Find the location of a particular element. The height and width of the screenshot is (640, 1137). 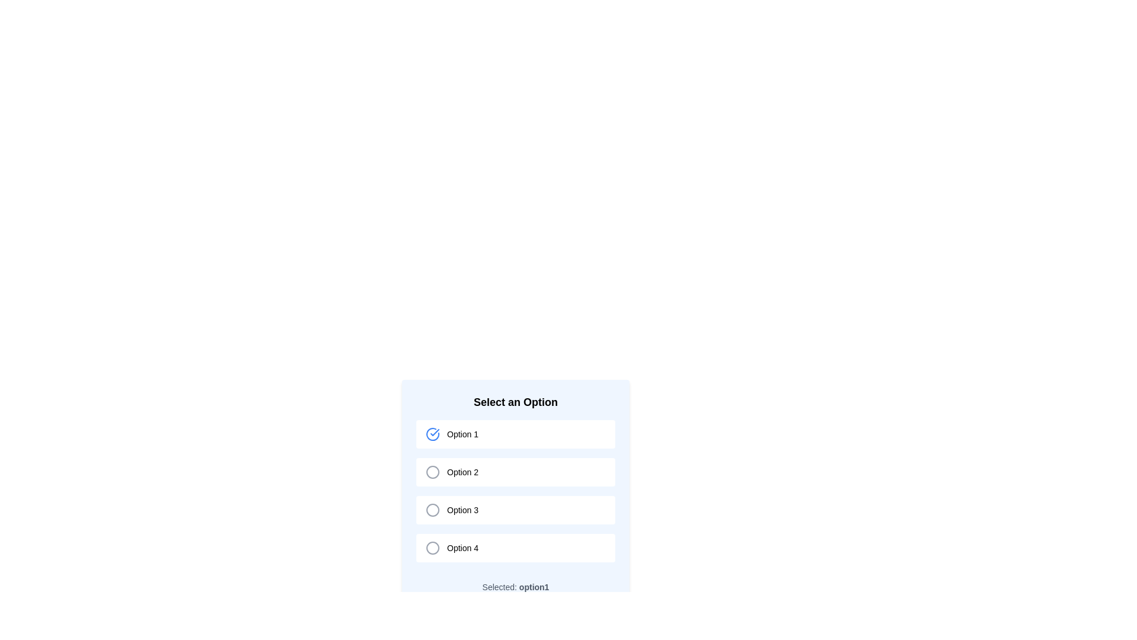

the circular icon representing the radio button for 'Option 3' is located at coordinates (432, 509).